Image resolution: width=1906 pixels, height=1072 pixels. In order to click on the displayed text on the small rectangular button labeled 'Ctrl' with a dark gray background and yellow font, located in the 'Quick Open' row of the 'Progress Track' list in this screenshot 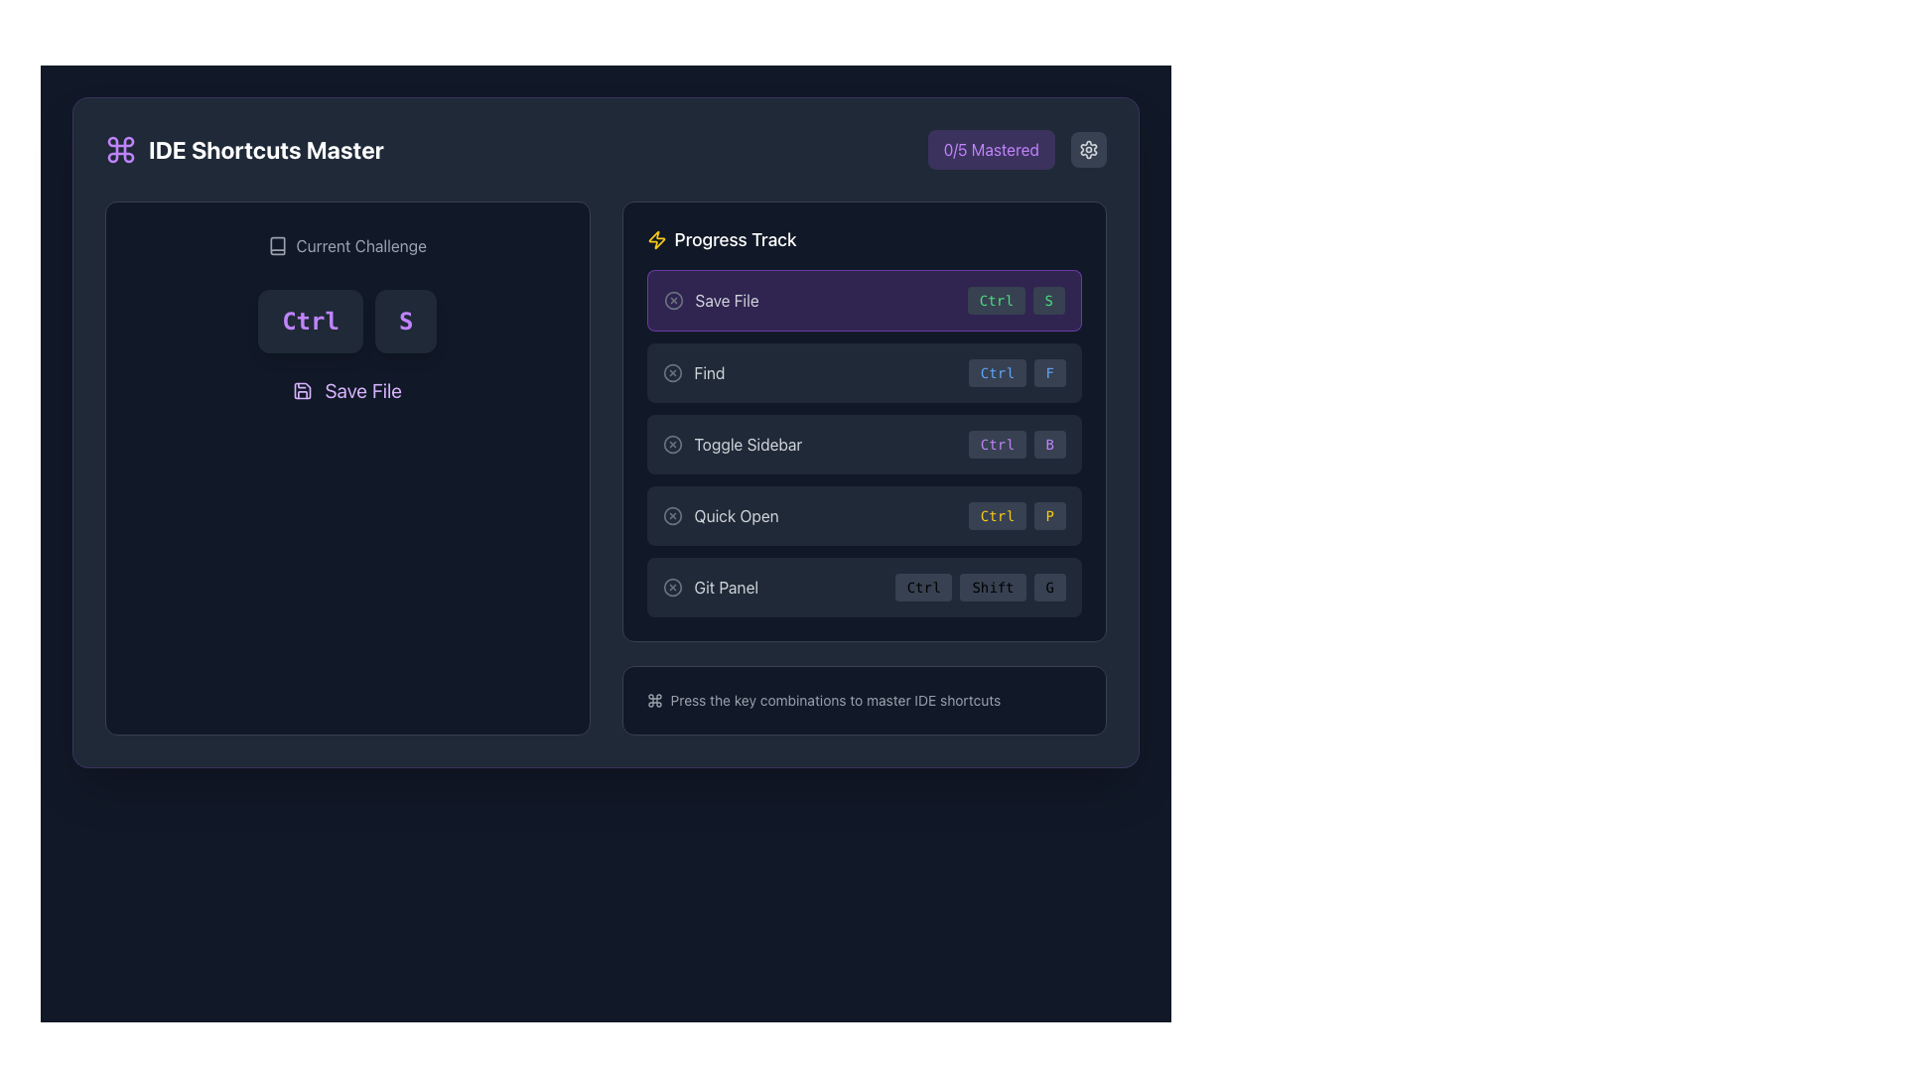, I will do `click(997, 515)`.